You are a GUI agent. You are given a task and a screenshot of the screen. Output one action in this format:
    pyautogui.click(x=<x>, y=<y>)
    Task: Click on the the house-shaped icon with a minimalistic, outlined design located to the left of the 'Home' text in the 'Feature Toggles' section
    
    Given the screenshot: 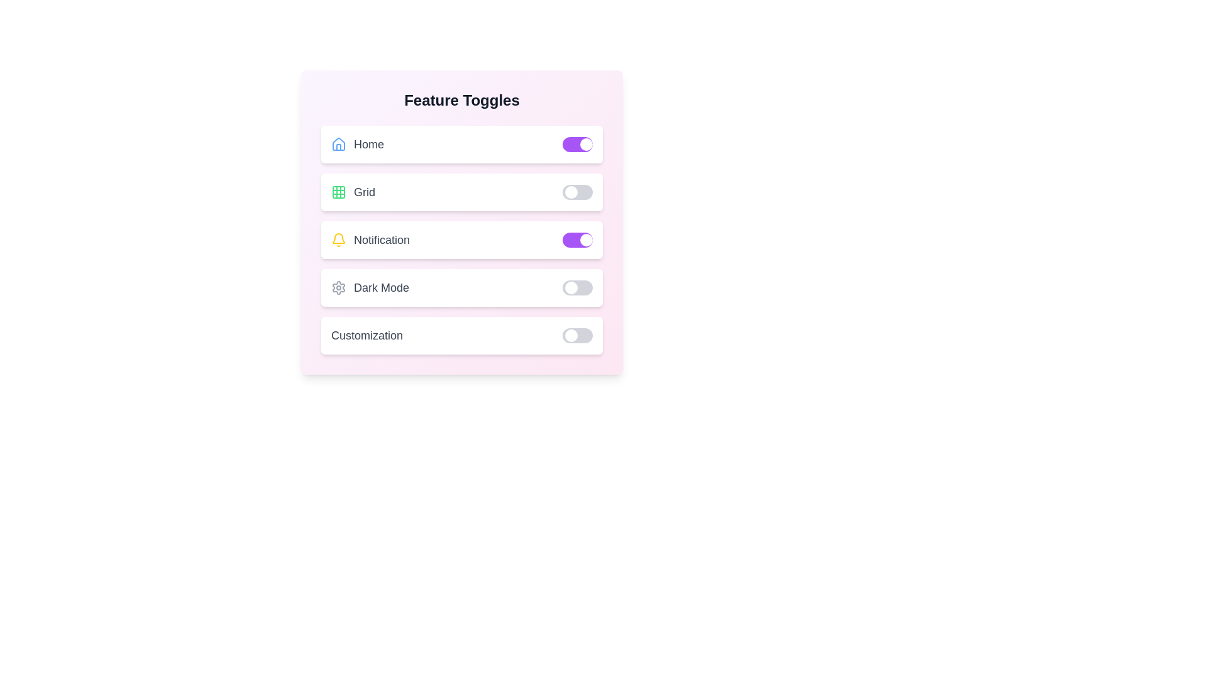 What is the action you would take?
    pyautogui.click(x=338, y=143)
    